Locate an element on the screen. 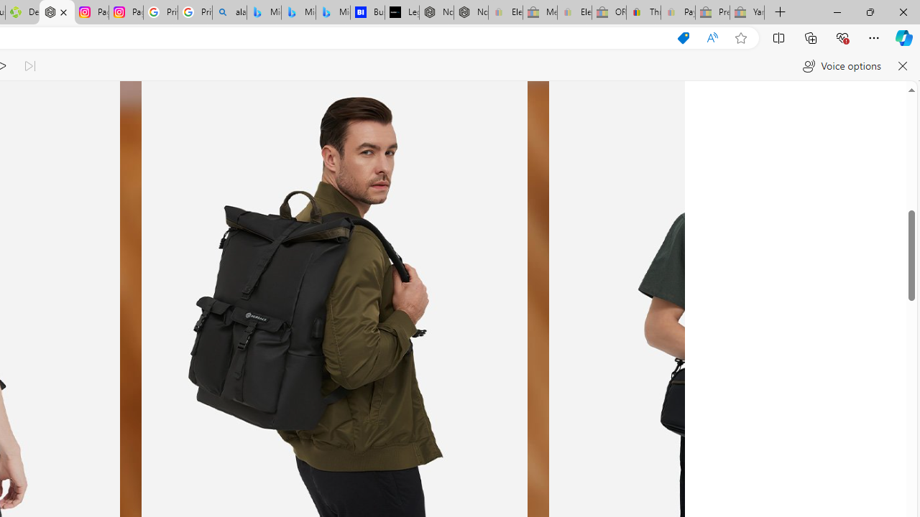 This screenshot has height=517, width=920. 'Settings and more (Alt+F)' is located at coordinates (873, 37).